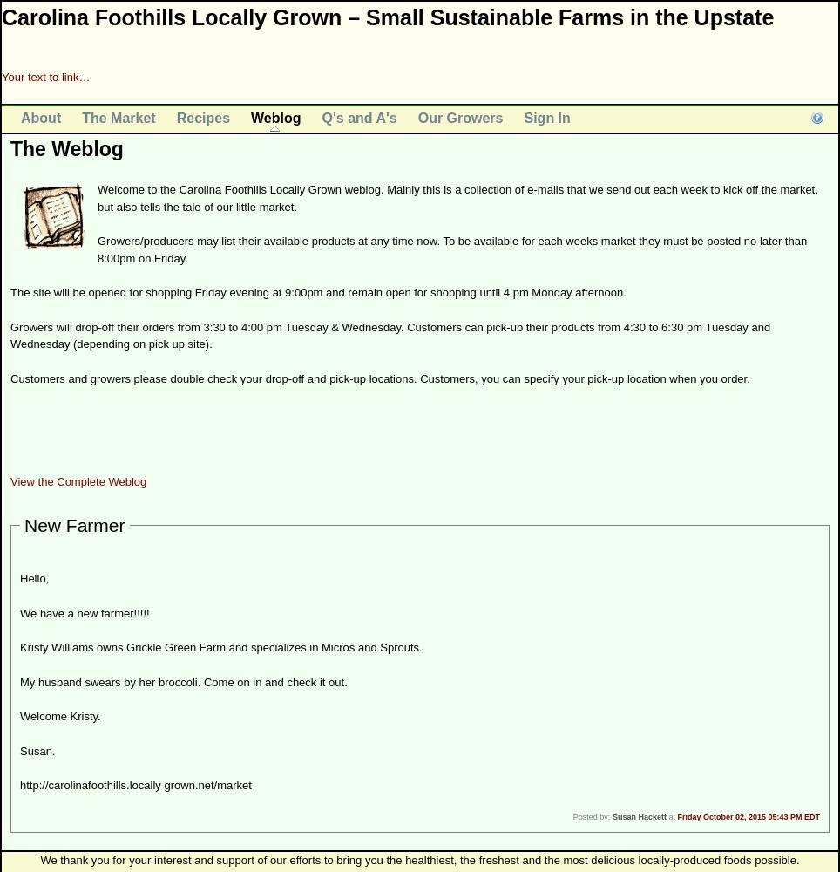 The image size is (840, 872). Describe the element at coordinates (220, 646) in the screenshot. I see `'Kristy Williams owns Grickle Green Farm and specializes in Micros and Sprouts.'` at that location.